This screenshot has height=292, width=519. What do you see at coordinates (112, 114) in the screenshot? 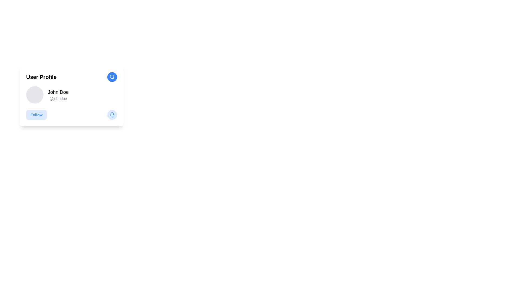
I see `the bell-shaped notification icon located in the top-right corner of the profile information card` at bounding box center [112, 114].